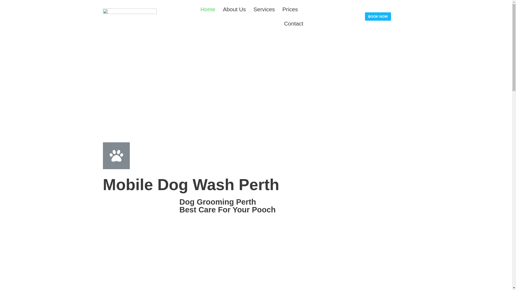  Describe the element at coordinates (378, 16) in the screenshot. I see `'BOOK NOW'` at that location.